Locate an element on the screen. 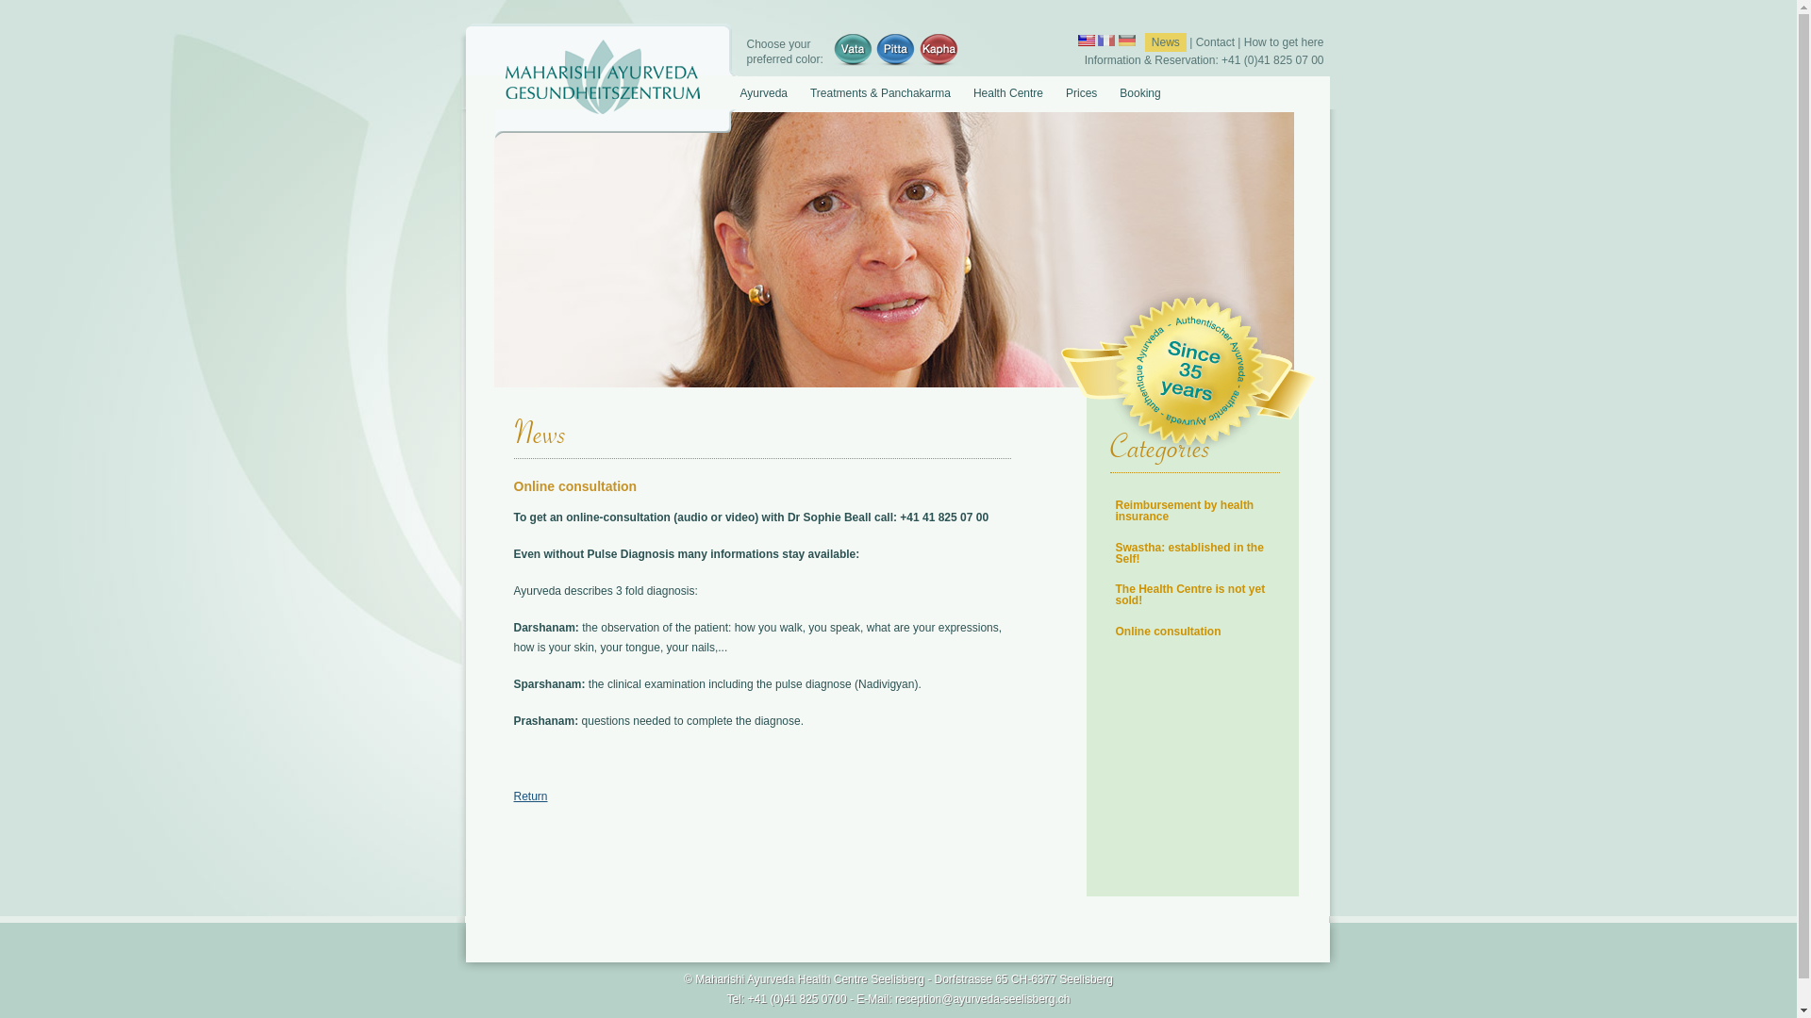  'Reimbursement by health insurance' is located at coordinates (1183, 511).